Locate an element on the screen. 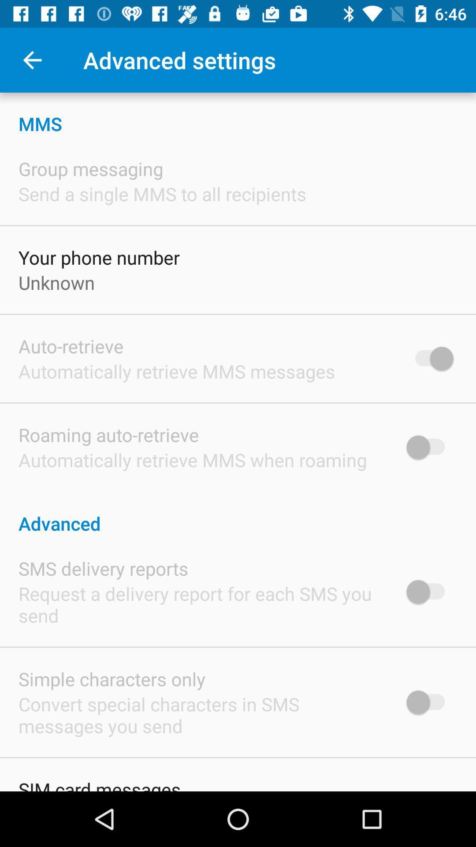  the item below send a single icon is located at coordinates (99, 257).